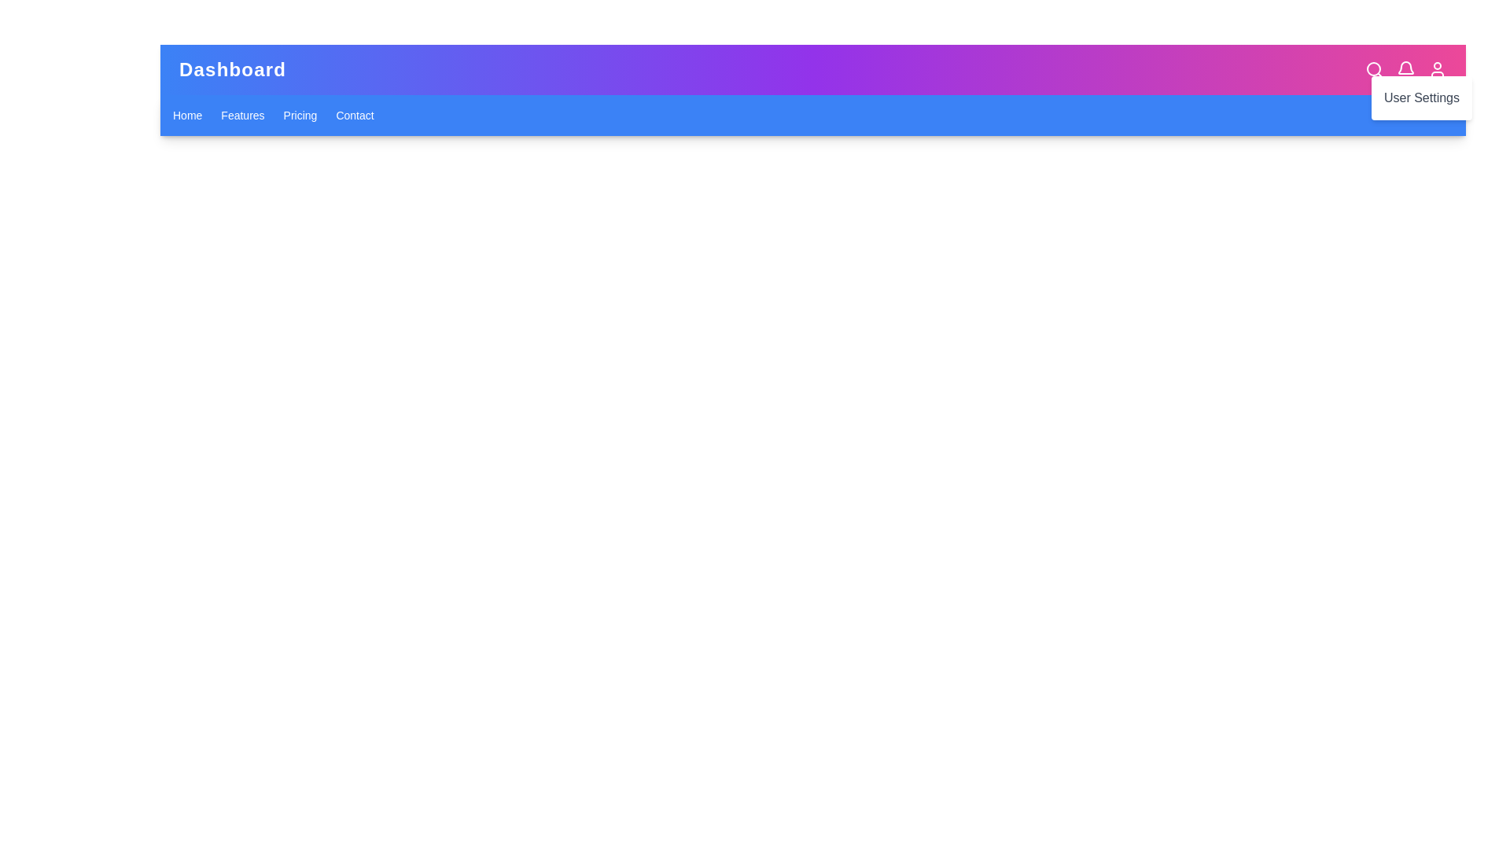 The image size is (1510, 849). What do you see at coordinates (241, 114) in the screenshot?
I see `the navigation menu item Features` at bounding box center [241, 114].